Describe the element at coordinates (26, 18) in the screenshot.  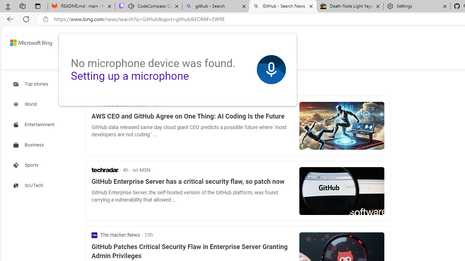
I see `'Refresh'` at that location.